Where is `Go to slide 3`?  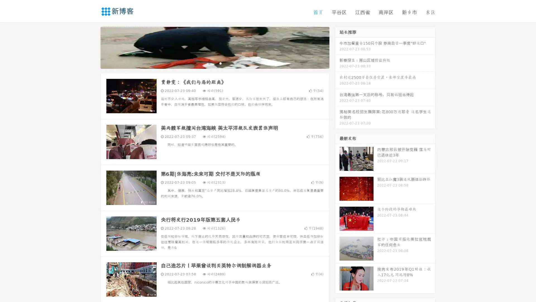
Go to slide 3 is located at coordinates (220, 63).